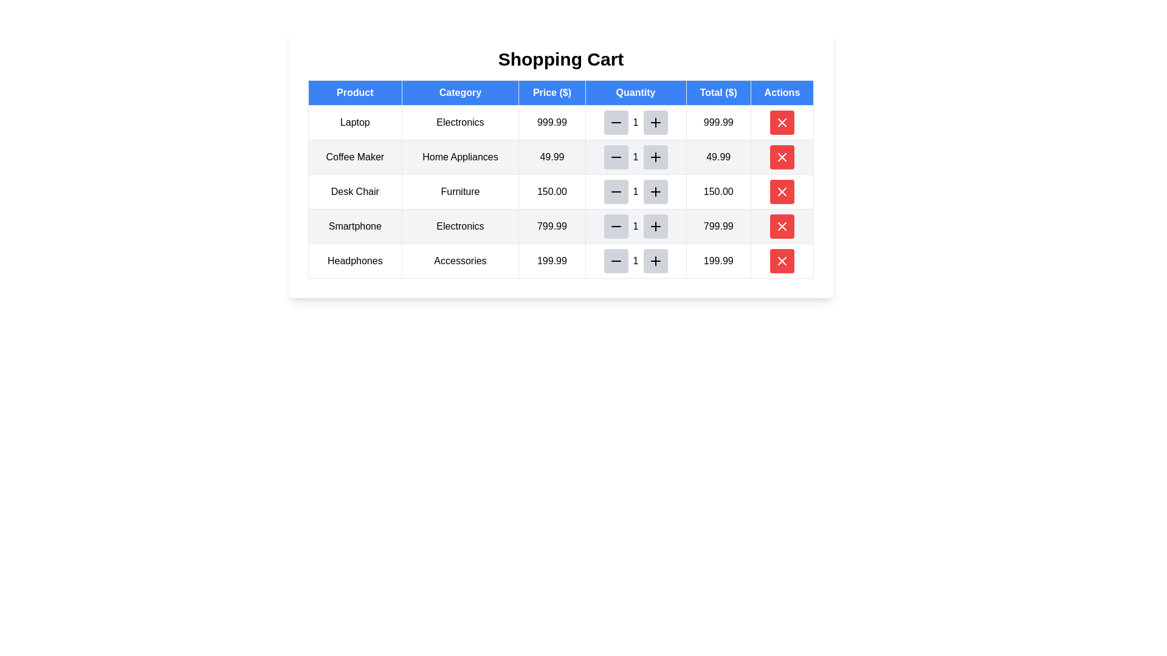 The width and height of the screenshot is (1167, 656). What do you see at coordinates (718, 191) in the screenshot?
I see `the text label displaying '150.00' in the 'Total ($)' column of the 'Desk Chair' row` at bounding box center [718, 191].